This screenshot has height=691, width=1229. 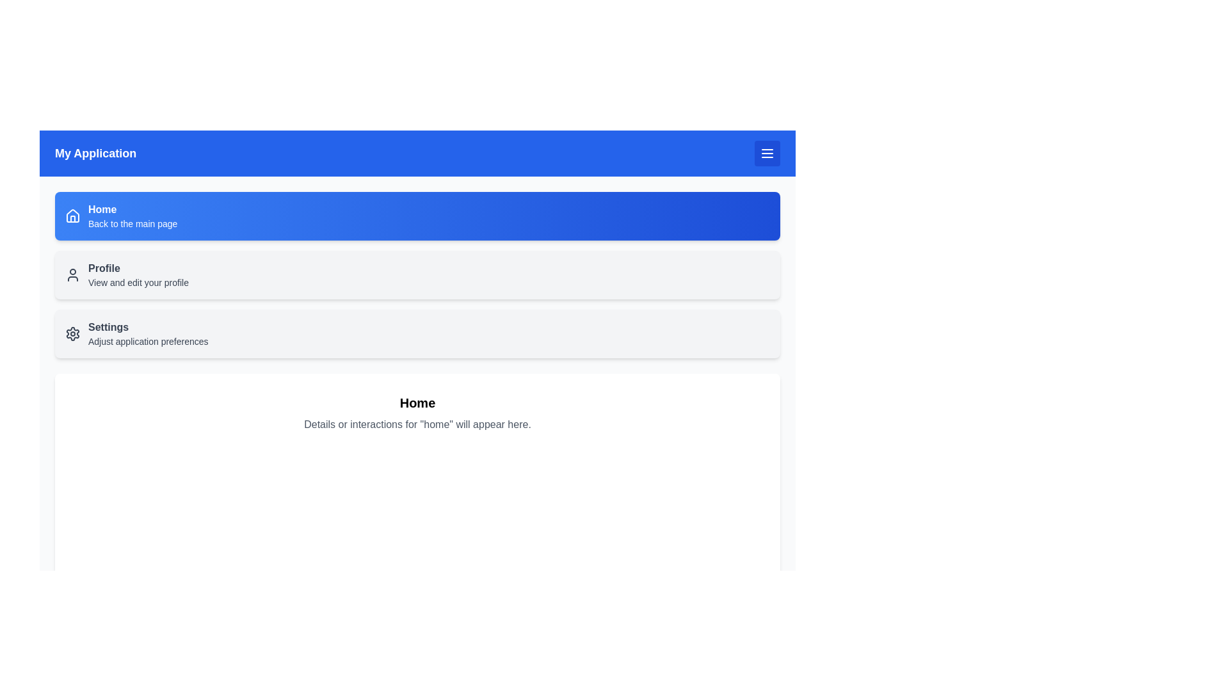 I want to click on the context descriptor text label located below the 'Profile' section in the menu-style navigation to understand its functionality, so click(x=138, y=282).